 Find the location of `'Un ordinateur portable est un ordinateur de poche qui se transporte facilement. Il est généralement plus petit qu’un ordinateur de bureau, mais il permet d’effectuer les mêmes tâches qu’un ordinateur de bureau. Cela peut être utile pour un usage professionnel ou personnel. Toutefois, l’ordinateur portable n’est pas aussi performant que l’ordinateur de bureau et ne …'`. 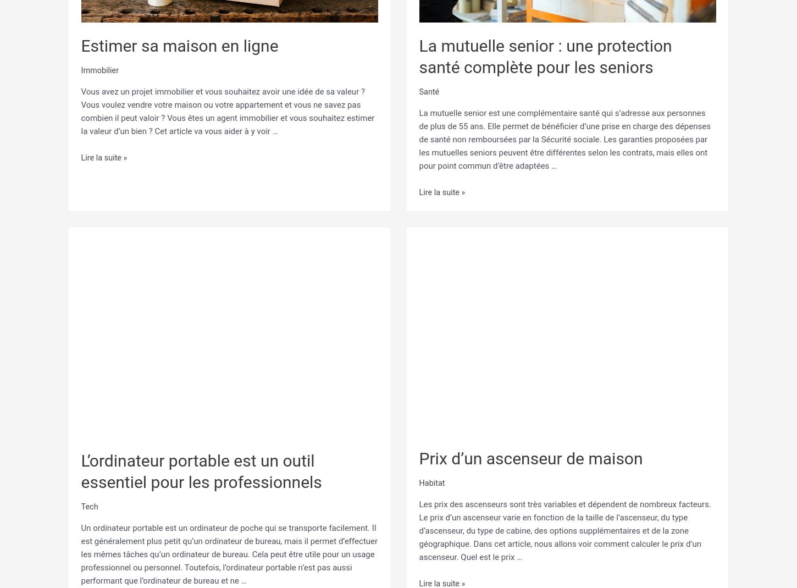

'Un ordinateur portable est un ordinateur de poche qui se transporte facilement. Il est généralement plus petit qu’un ordinateur de bureau, mais il permet d’effectuer les mêmes tâches qu’un ordinateur de bureau. Cela peut être utile pour un usage professionnel ou personnel. Toutefois, l’ordinateur portable n’est pas aussi performant que l’ordinateur de bureau et ne …' is located at coordinates (80, 554).